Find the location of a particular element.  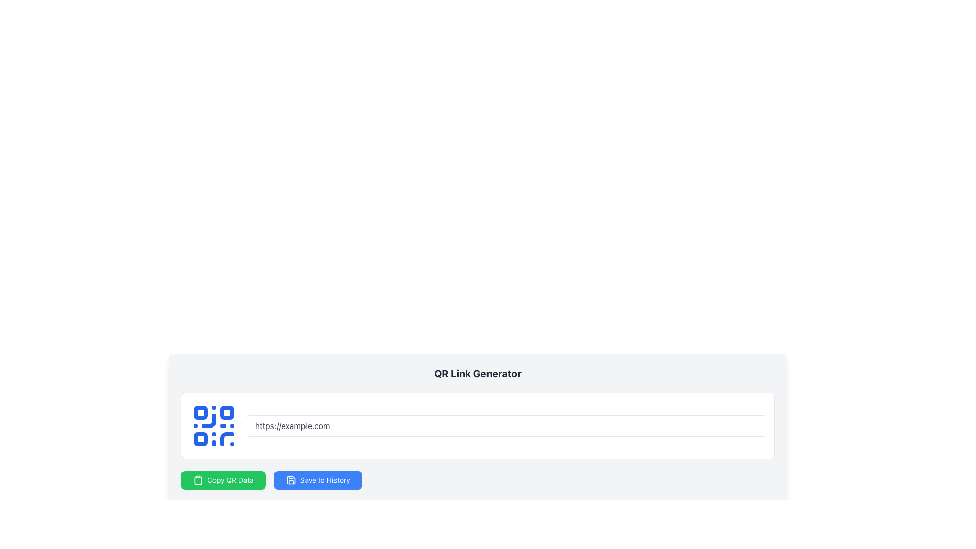

the 'save' icon located at the left end of the 'Save to History' blue button is located at coordinates (290, 480).